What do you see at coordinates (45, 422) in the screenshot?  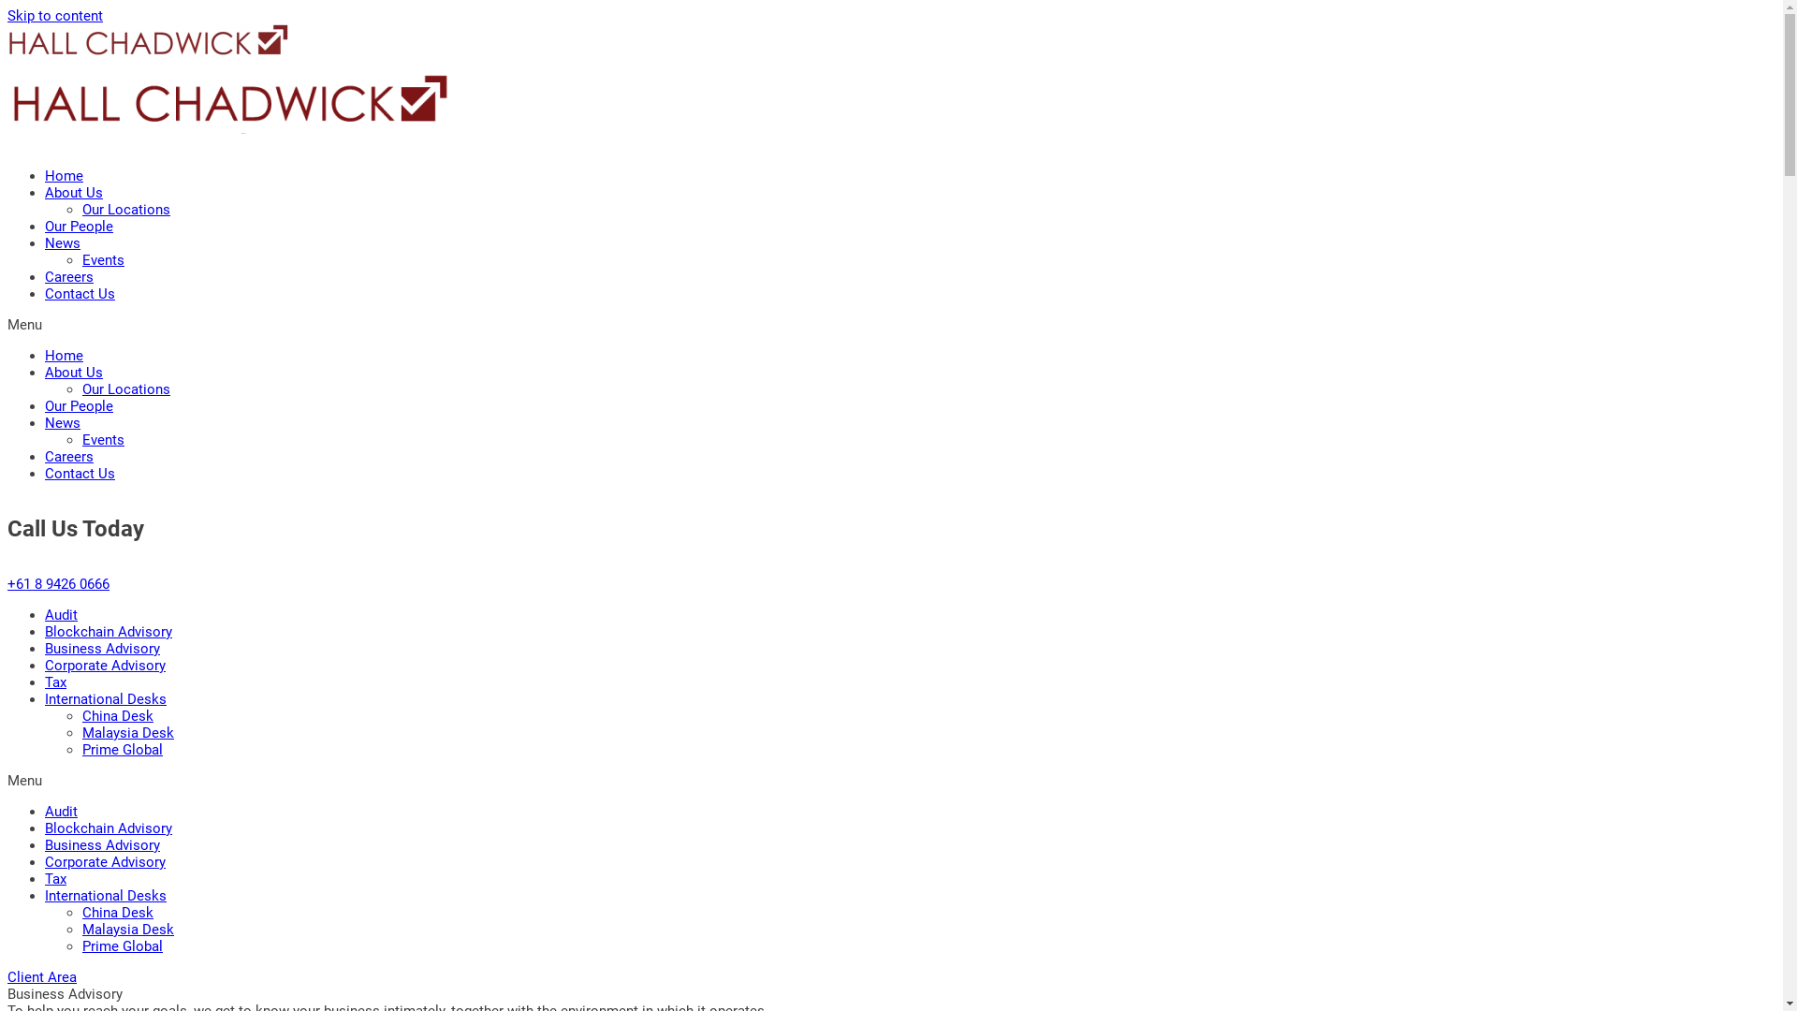 I see `'News'` at bounding box center [45, 422].